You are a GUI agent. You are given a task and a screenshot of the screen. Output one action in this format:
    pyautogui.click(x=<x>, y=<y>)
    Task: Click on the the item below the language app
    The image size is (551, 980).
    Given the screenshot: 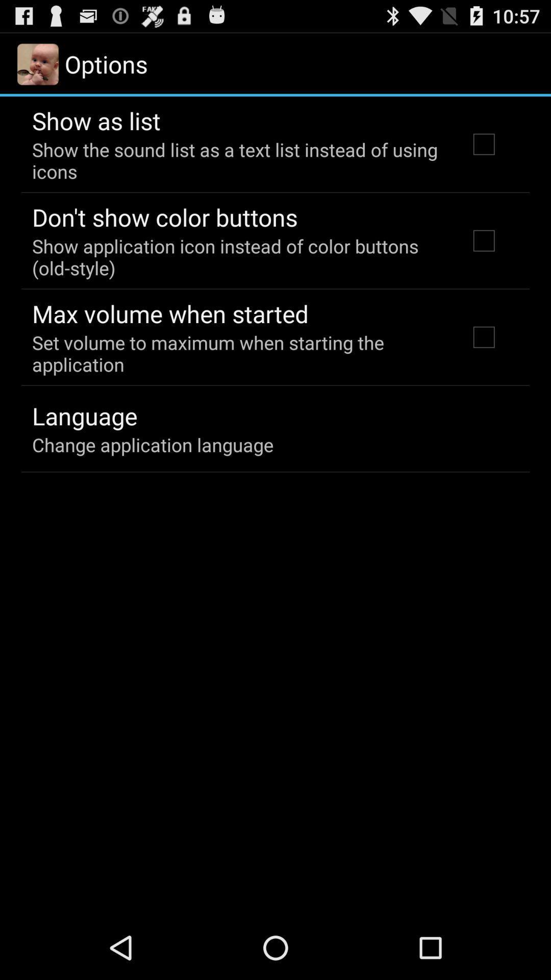 What is the action you would take?
    pyautogui.click(x=153, y=445)
    